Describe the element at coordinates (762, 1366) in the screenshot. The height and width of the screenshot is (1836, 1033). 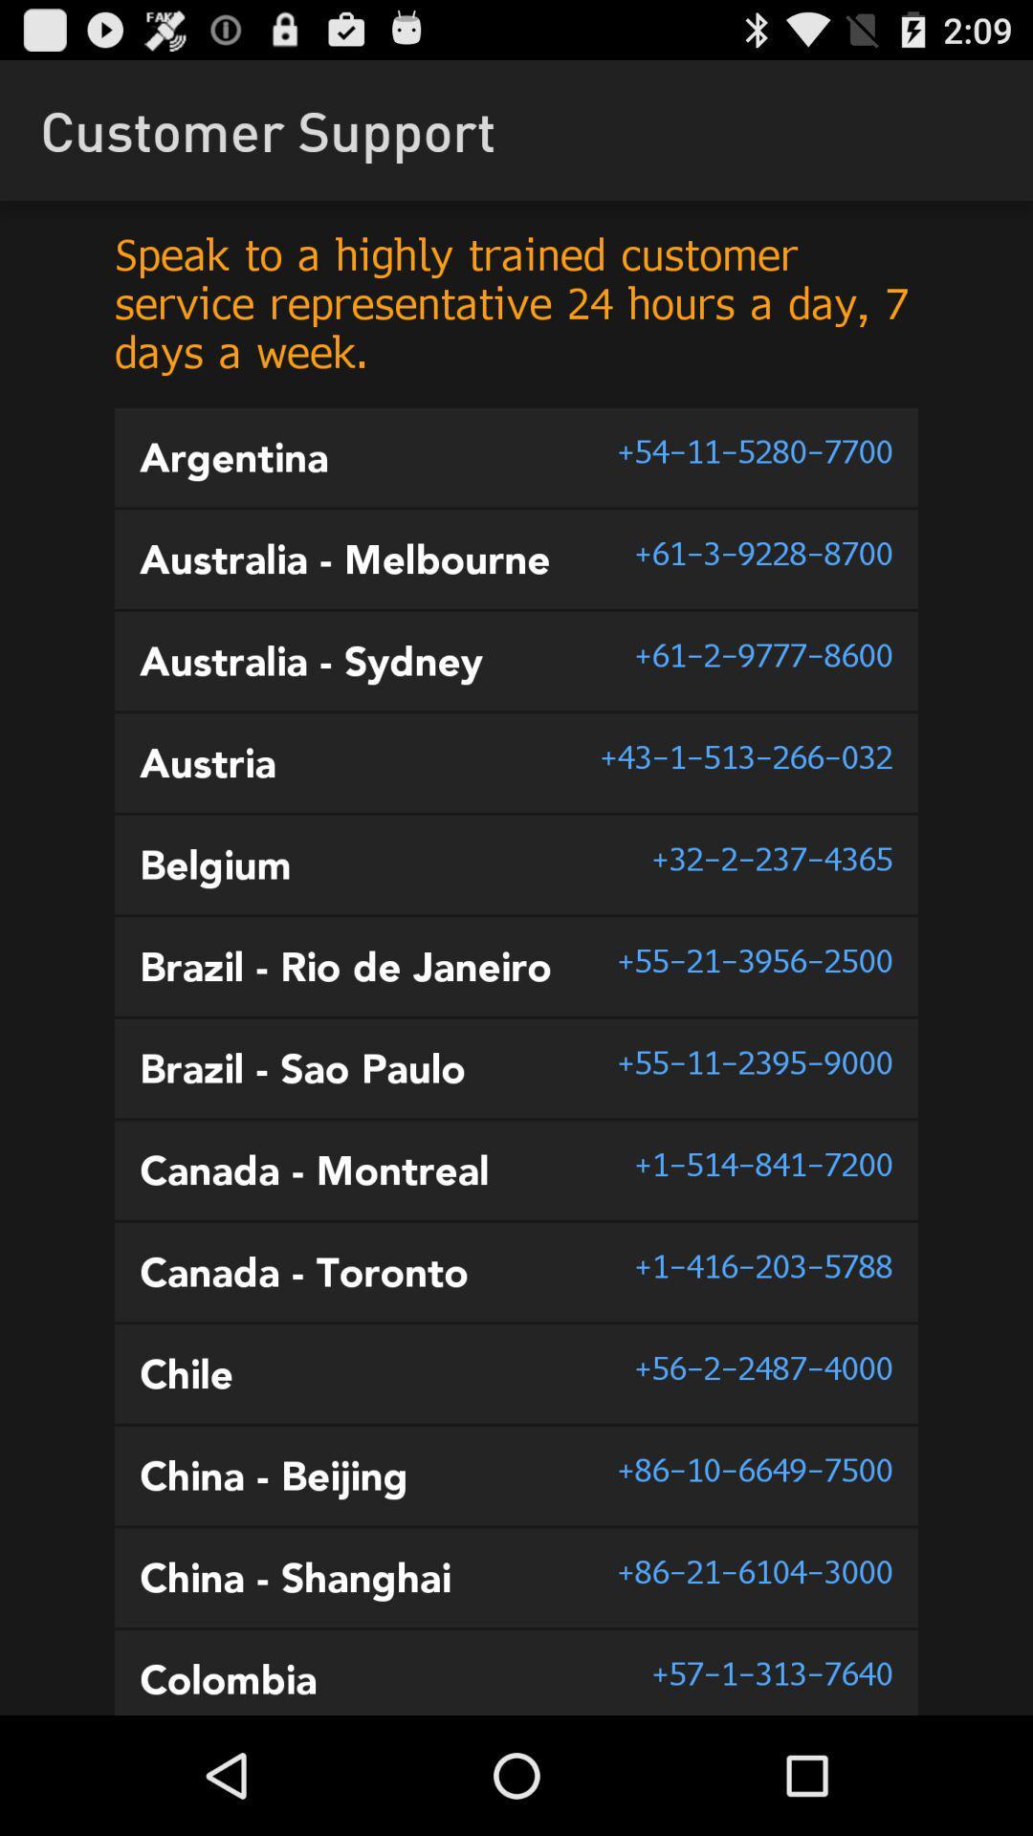
I see `the 56 2 2487 icon` at that location.